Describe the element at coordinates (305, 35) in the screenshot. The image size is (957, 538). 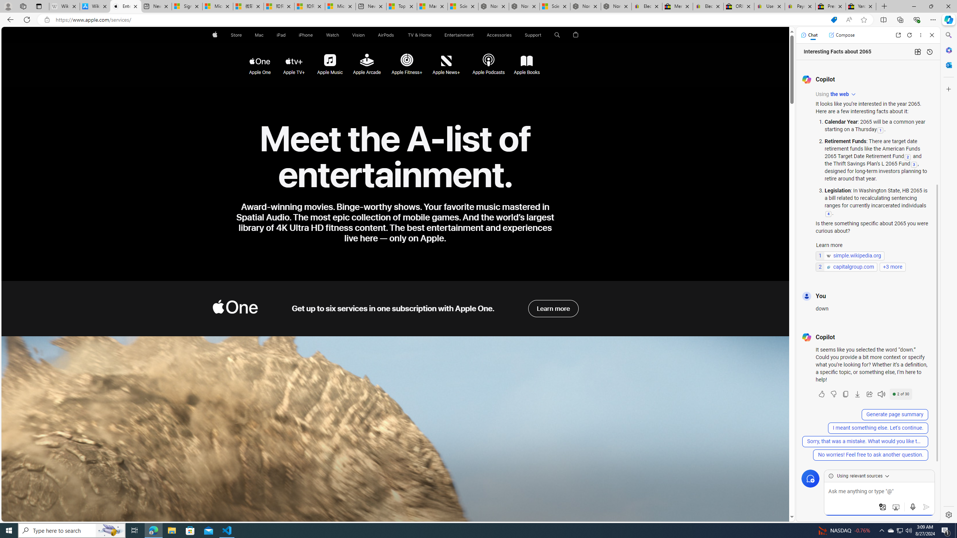
I see `'iPhone'` at that location.